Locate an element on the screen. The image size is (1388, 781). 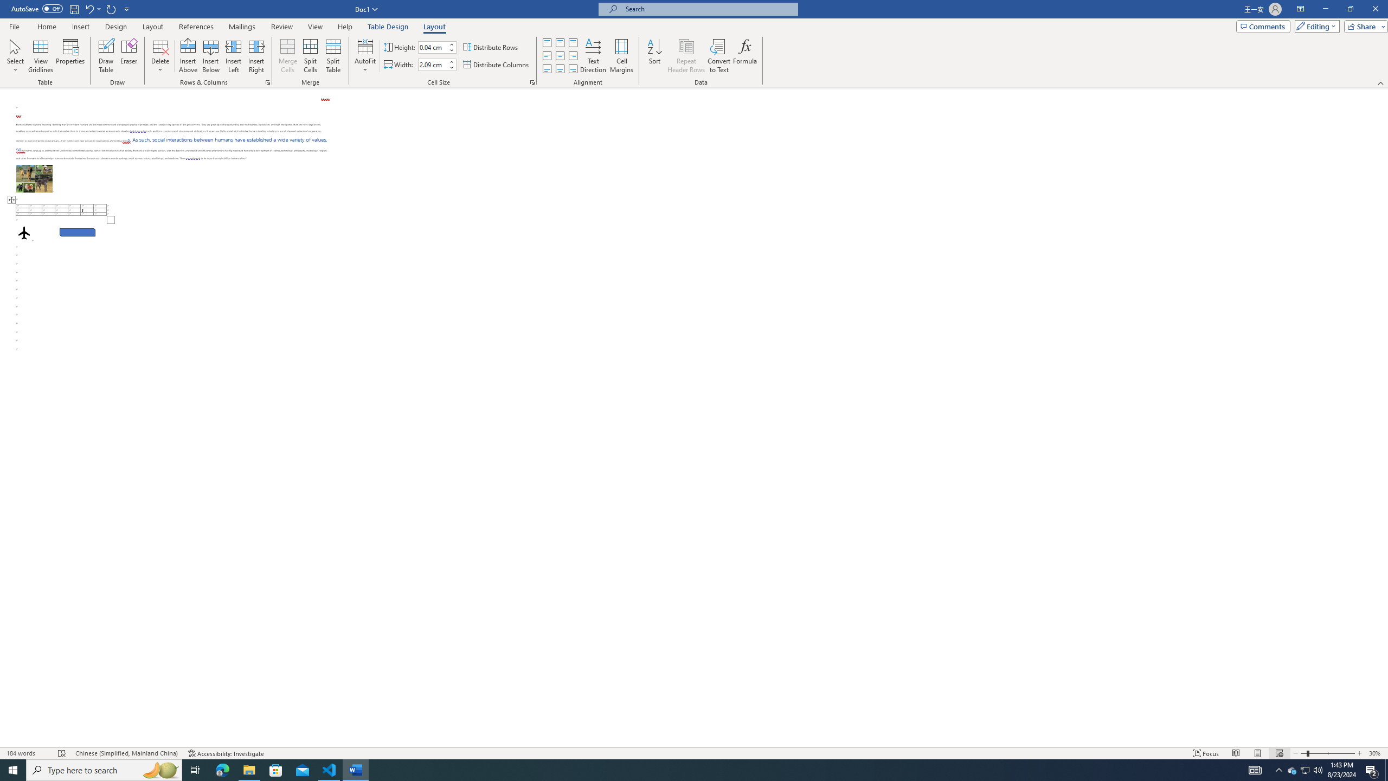
'Class: NetUIScrollBar' is located at coordinates (1383, 417).